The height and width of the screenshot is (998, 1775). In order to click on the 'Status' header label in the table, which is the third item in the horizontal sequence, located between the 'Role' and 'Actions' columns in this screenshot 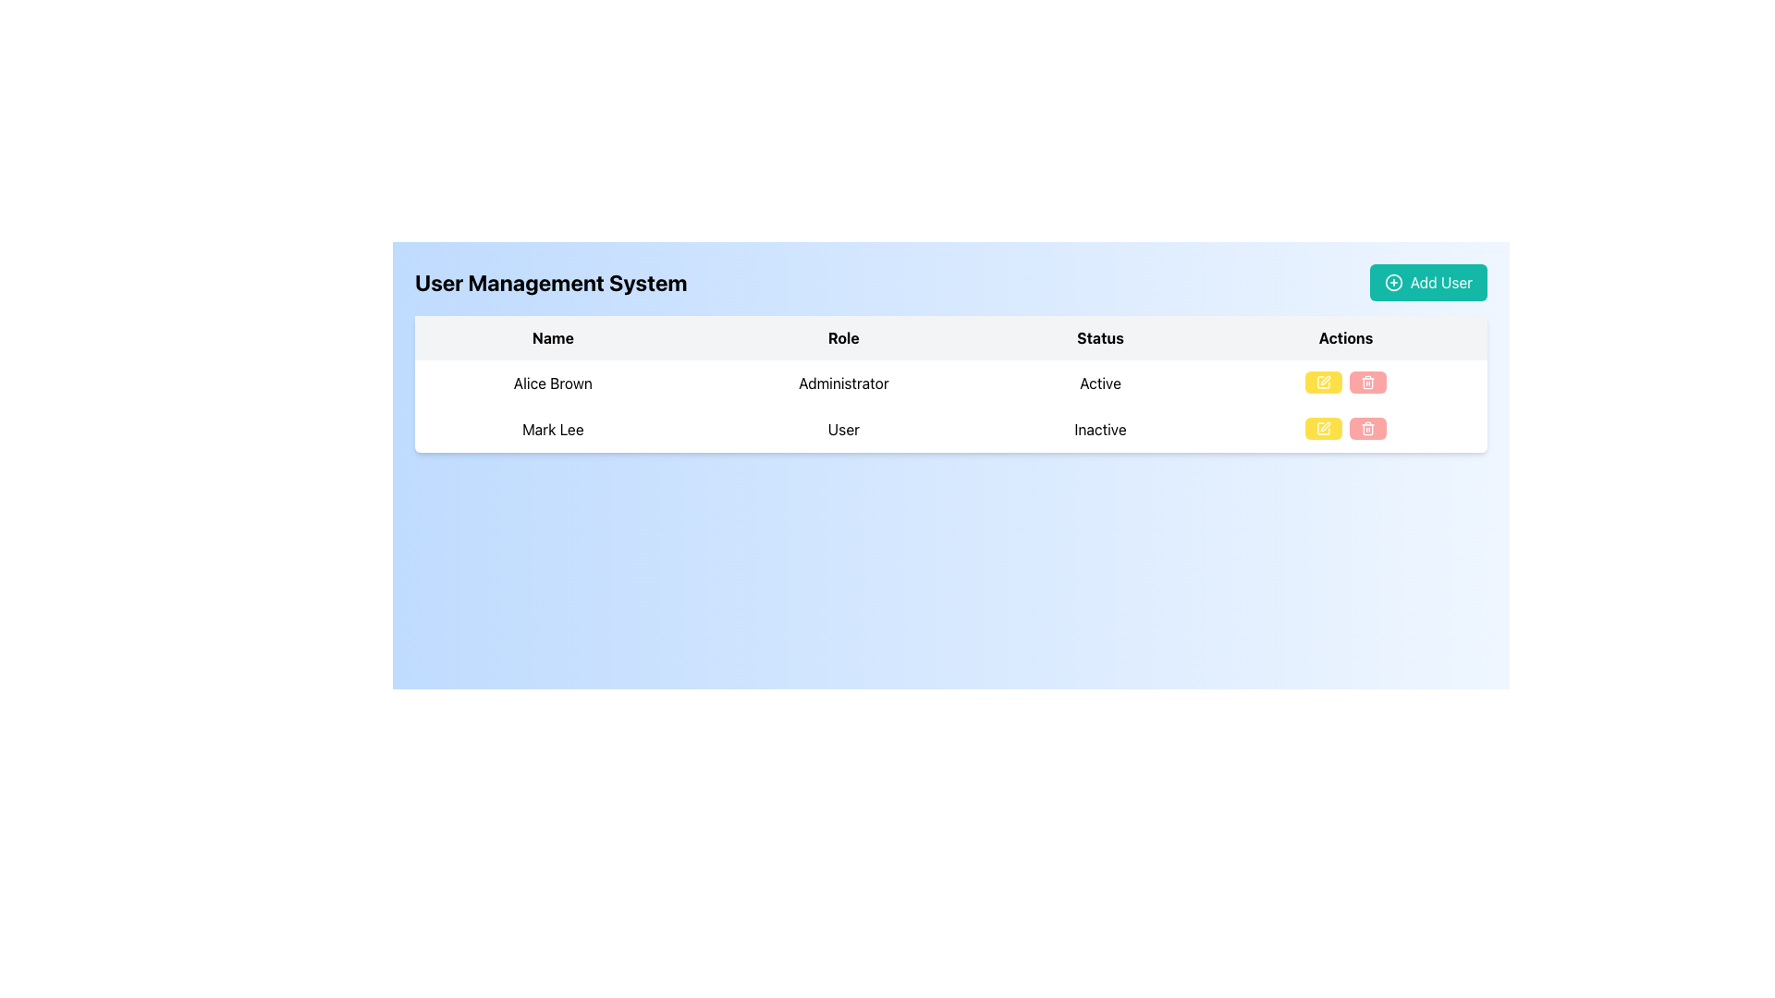, I will do `click(1100, 338)`.